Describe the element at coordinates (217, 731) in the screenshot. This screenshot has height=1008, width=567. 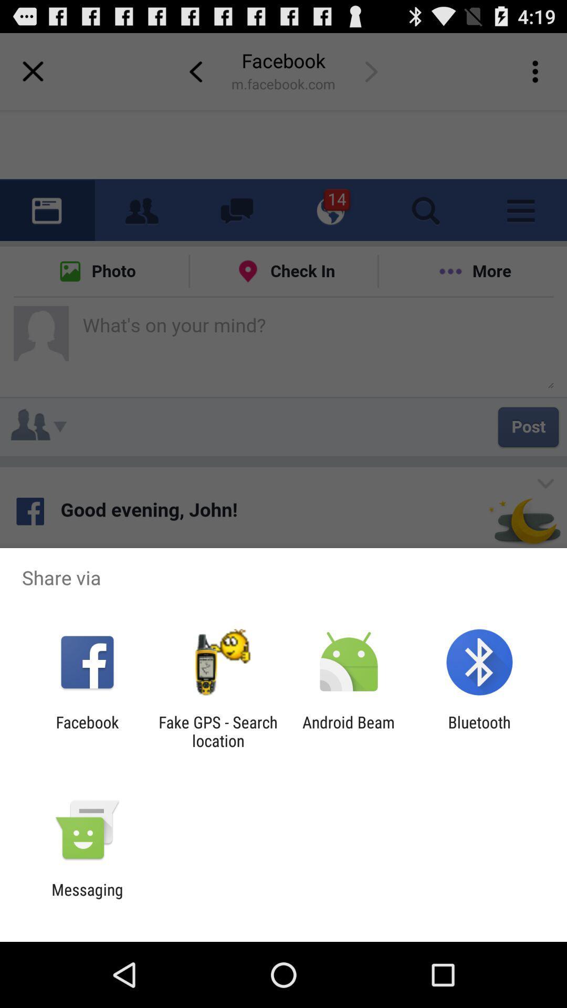
I see `icon to the right of the facebook app` at that location.